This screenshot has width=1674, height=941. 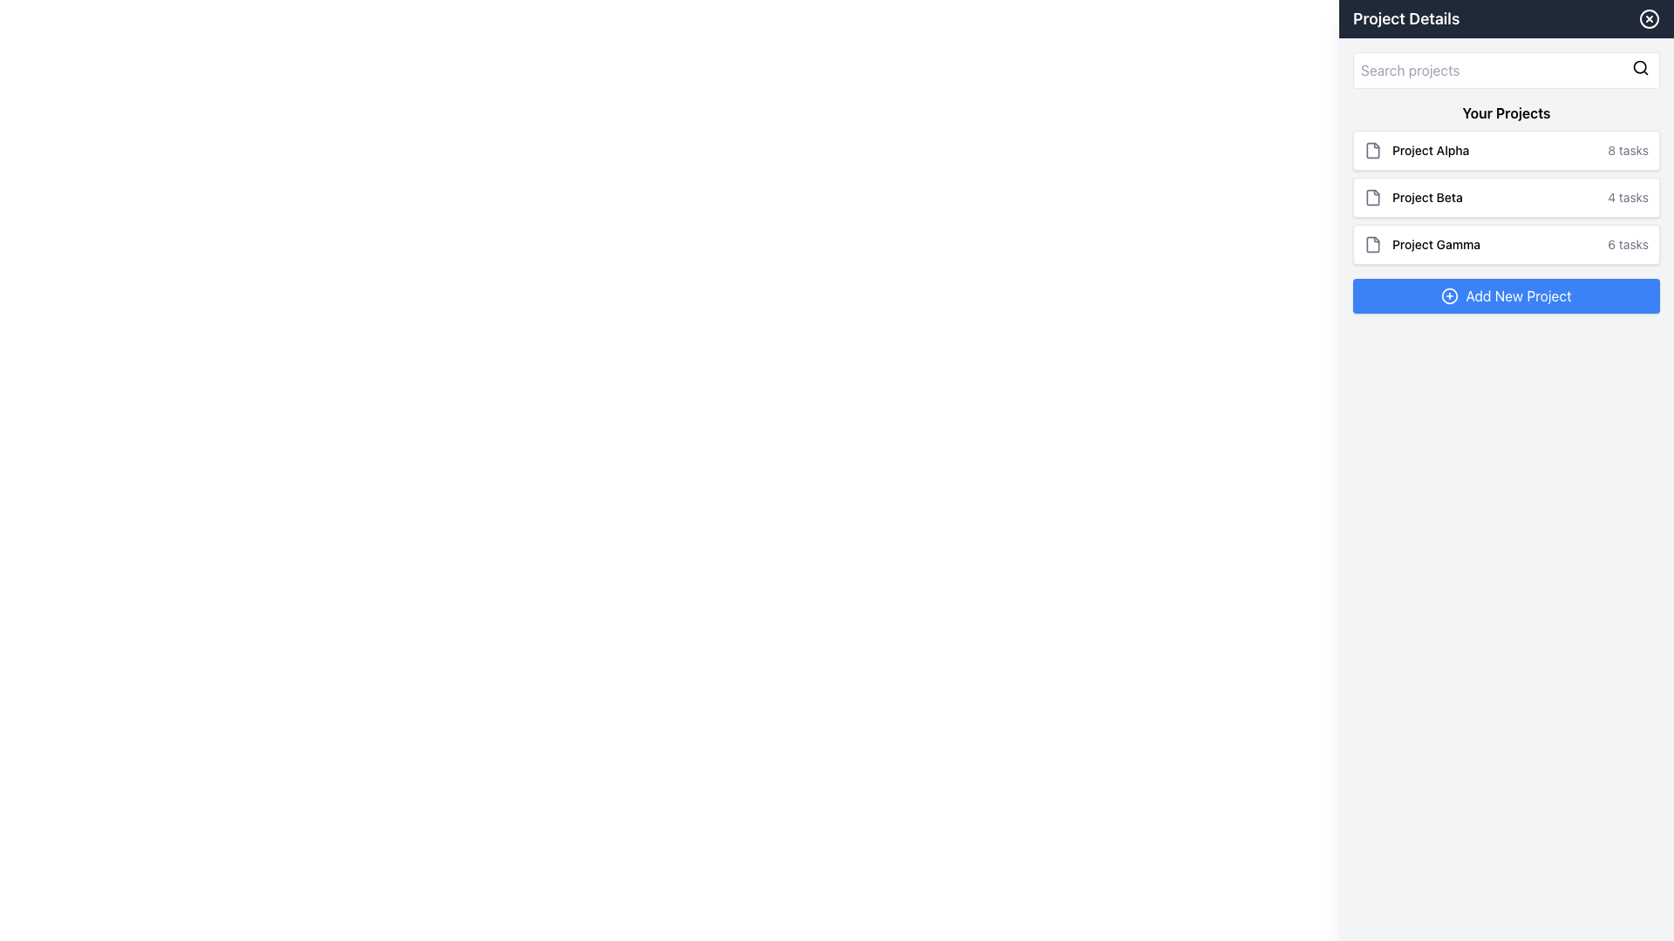 I want to click on the close button located in the top-right corner of the 'Project Details' side panel, so click(x=1641, y=30).